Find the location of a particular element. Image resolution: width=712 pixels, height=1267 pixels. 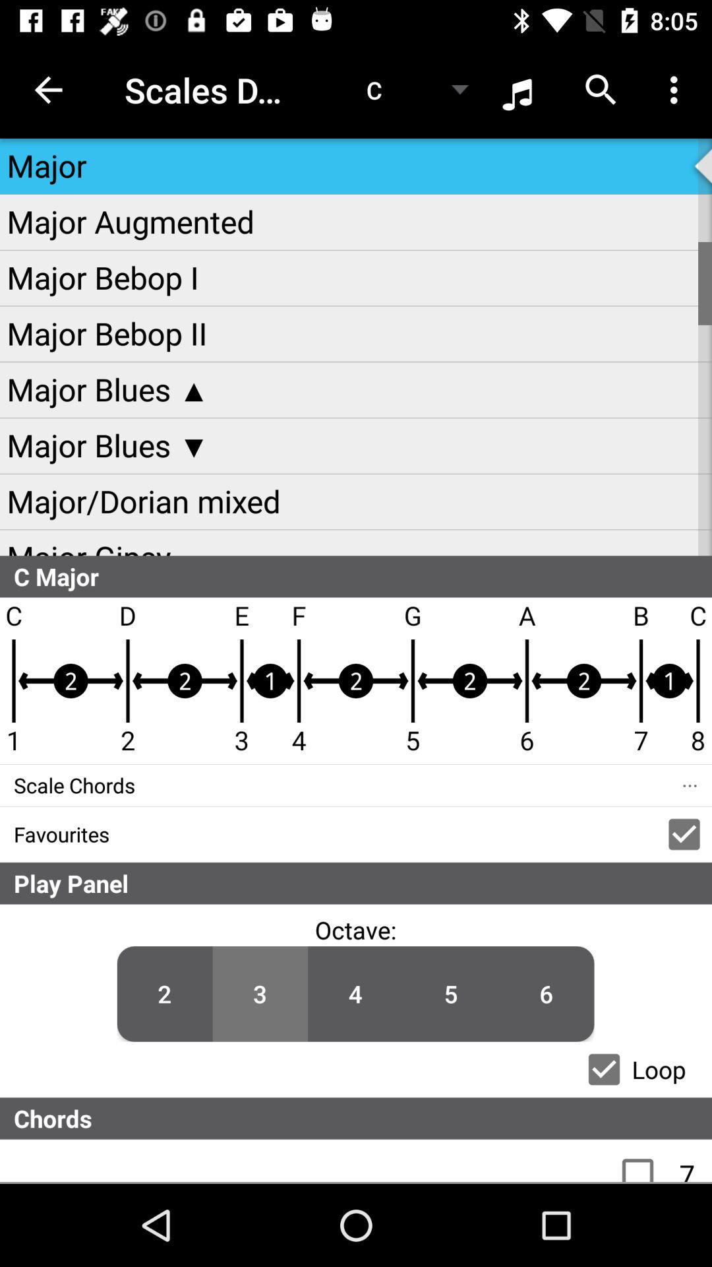

the search icon which is at the top right is located at coordinates (601, 90).